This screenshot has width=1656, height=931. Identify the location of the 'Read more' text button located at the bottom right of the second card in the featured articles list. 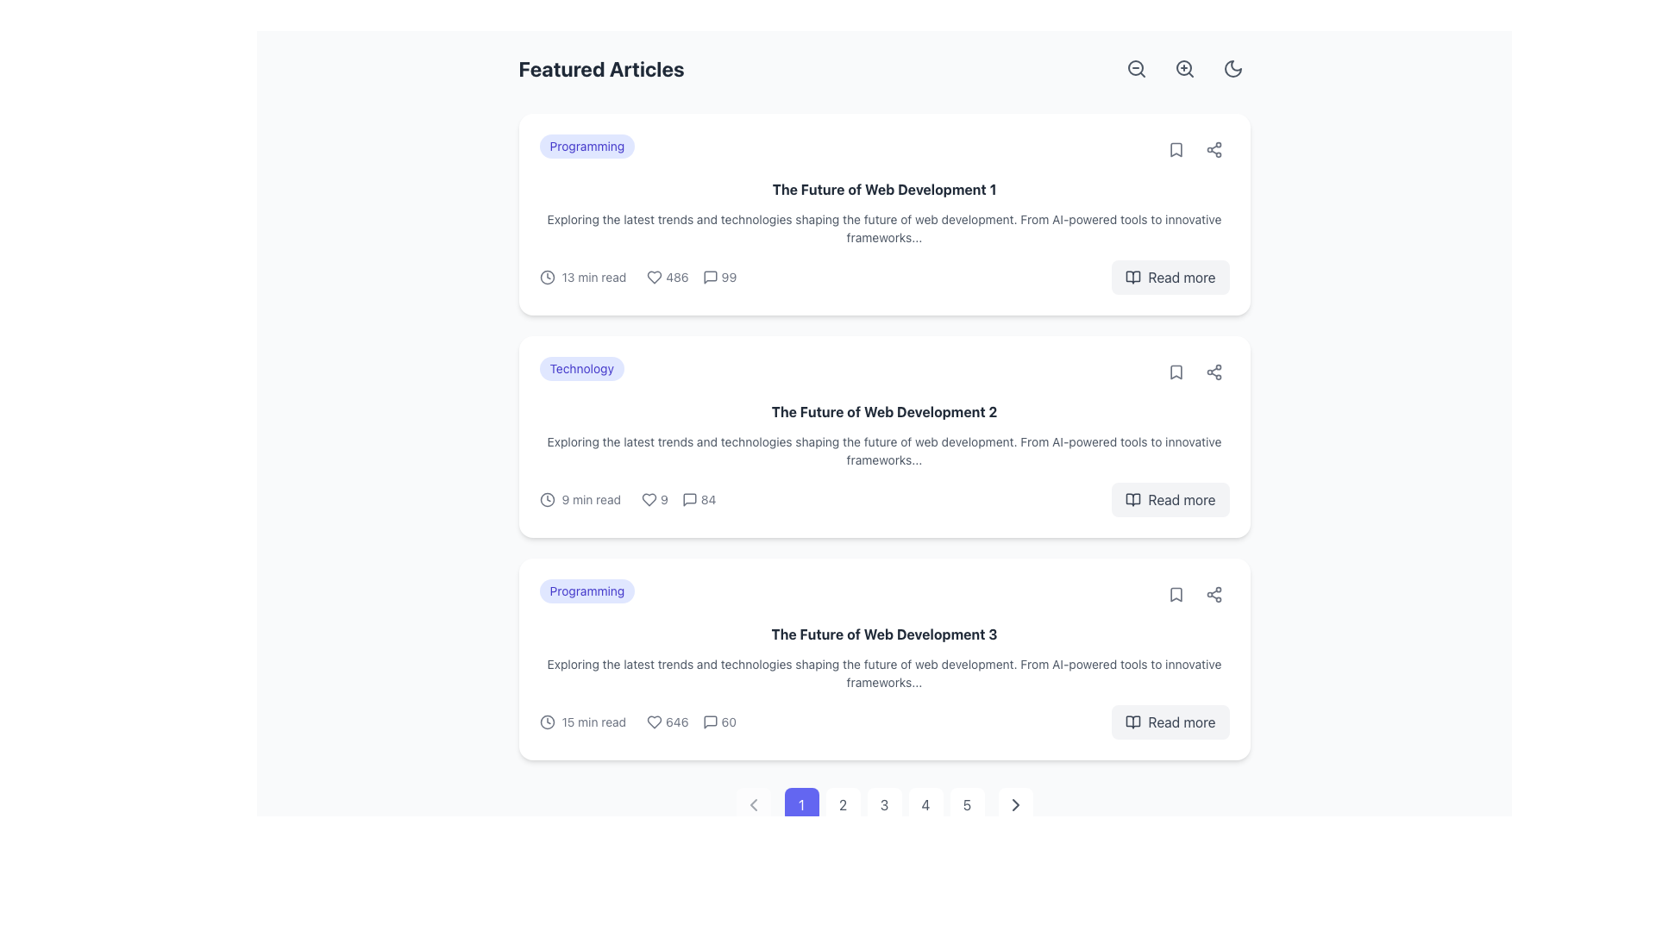
(1181, 499).